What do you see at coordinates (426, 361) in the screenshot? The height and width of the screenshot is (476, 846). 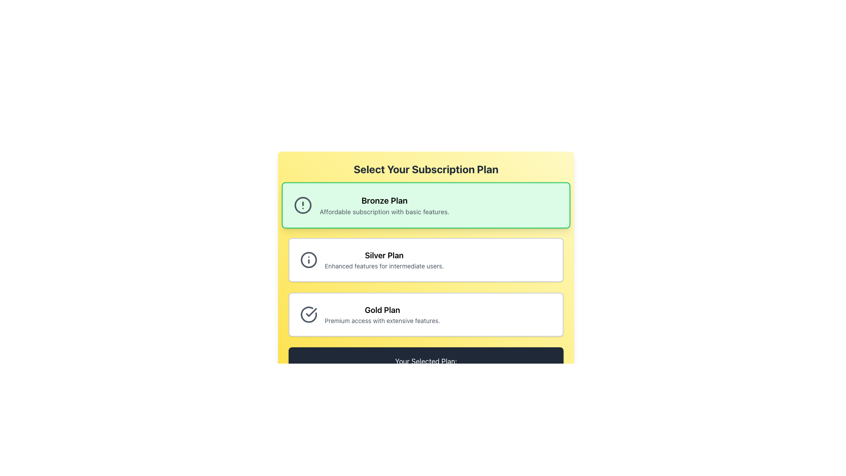 I see `the text label 'Your Selected Plan:' which is located in the lower section of the interface and serves as a label for the Bronze Plan section` at bounding box center [426, 361].